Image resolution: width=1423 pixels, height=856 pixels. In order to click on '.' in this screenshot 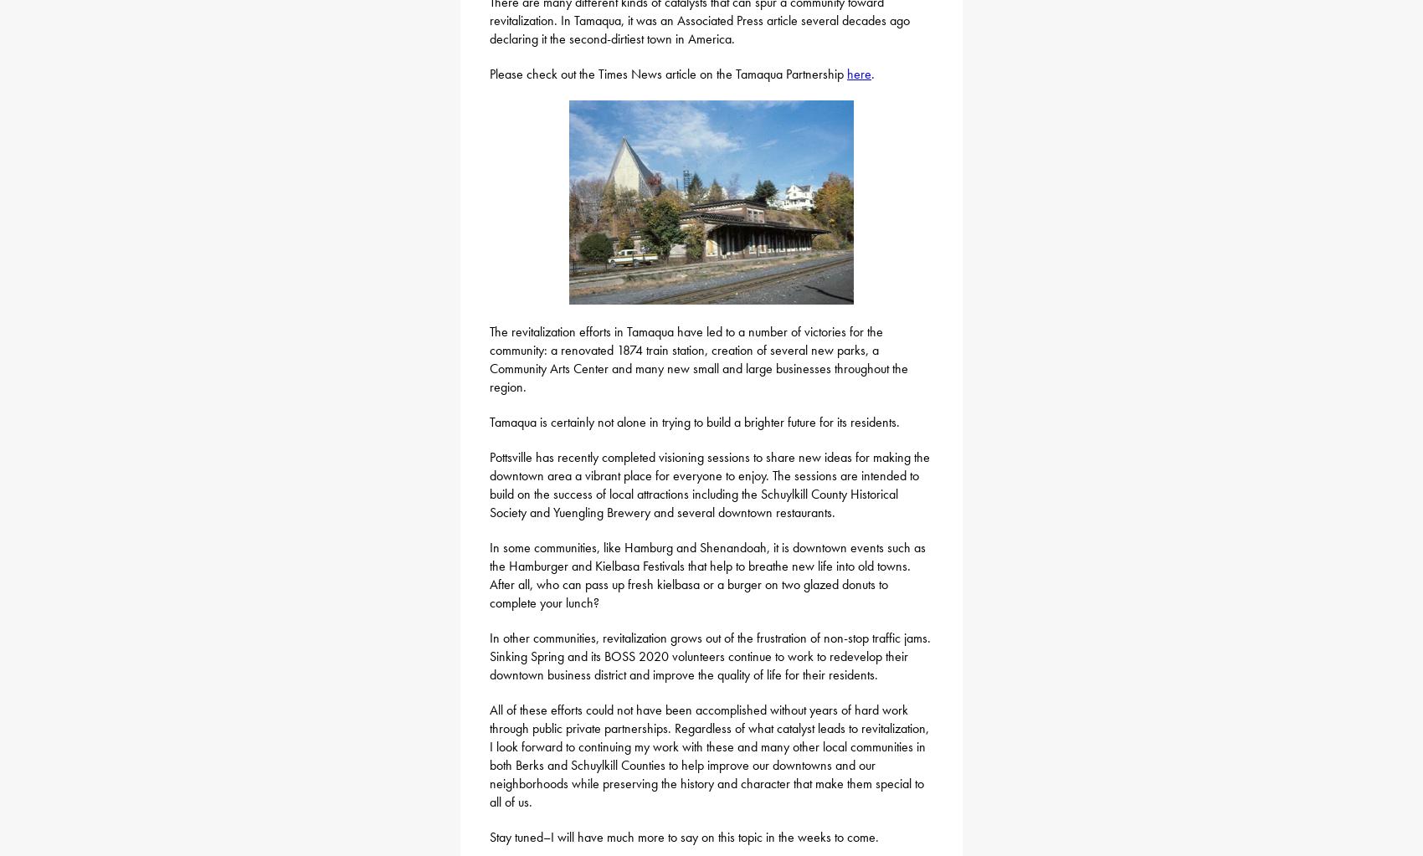, I will do `click(871, 73)`.